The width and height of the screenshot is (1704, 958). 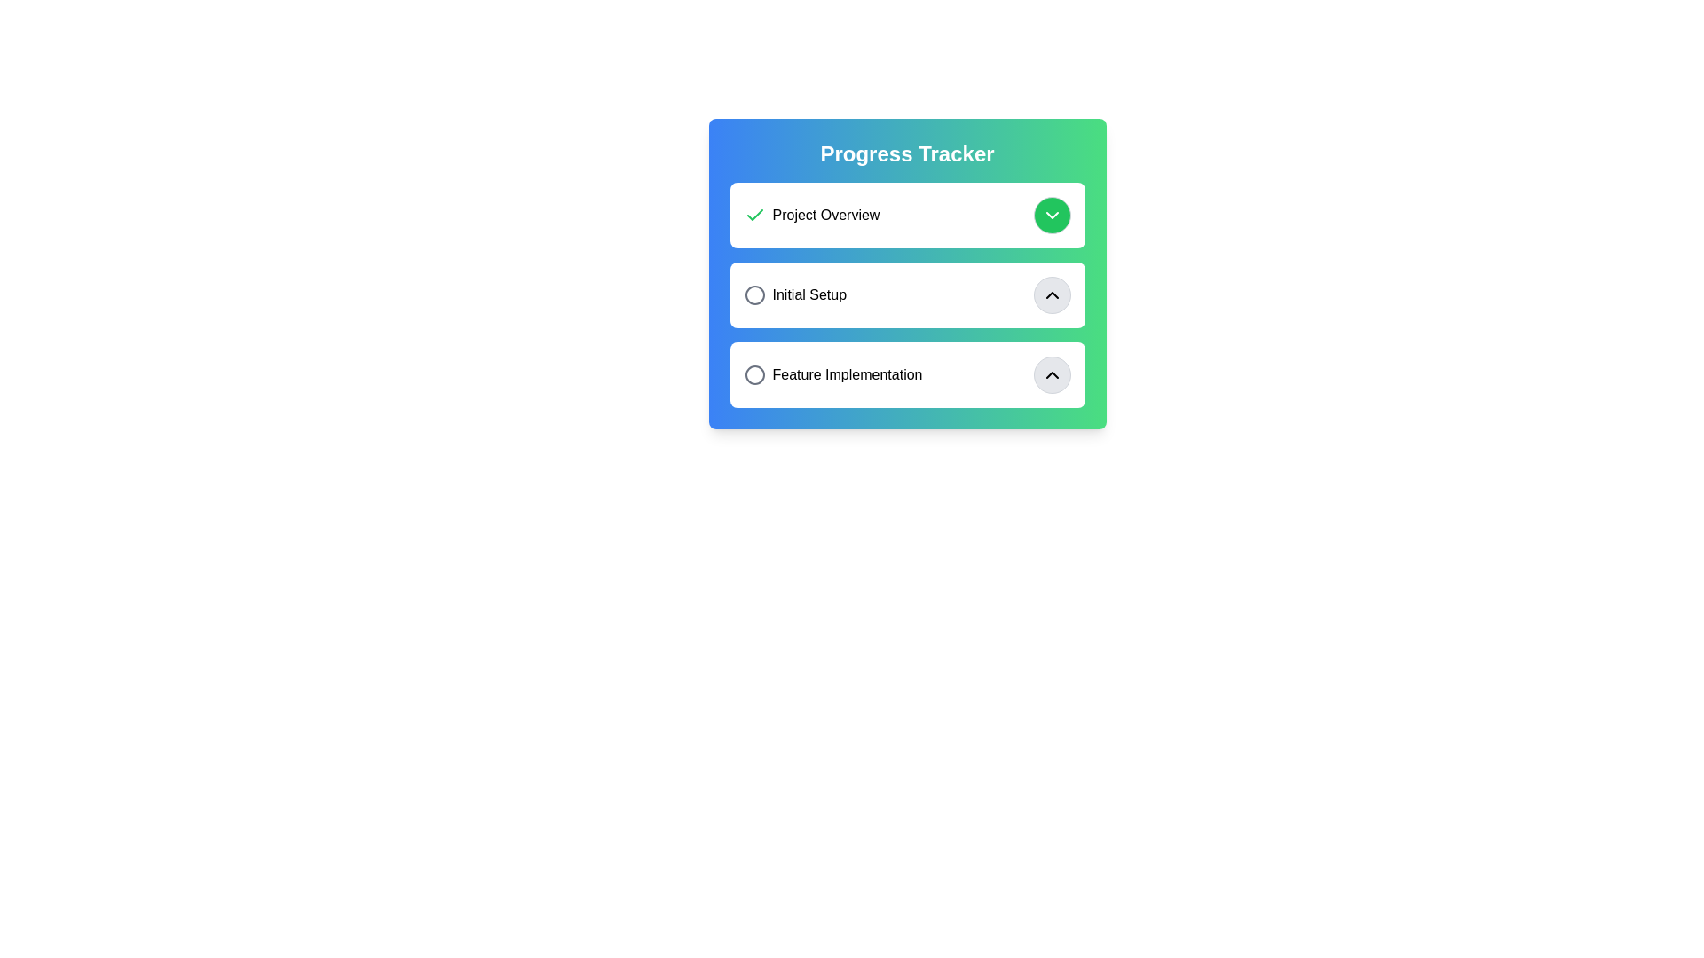 I want to click on the downward-pointing chevron icon outlined in white, located near the right edge of the green circular button in the 'Progress Tracker' panel under 'Project Overview' to trigger hover-related UI effects, so click(x=1052, y=215).